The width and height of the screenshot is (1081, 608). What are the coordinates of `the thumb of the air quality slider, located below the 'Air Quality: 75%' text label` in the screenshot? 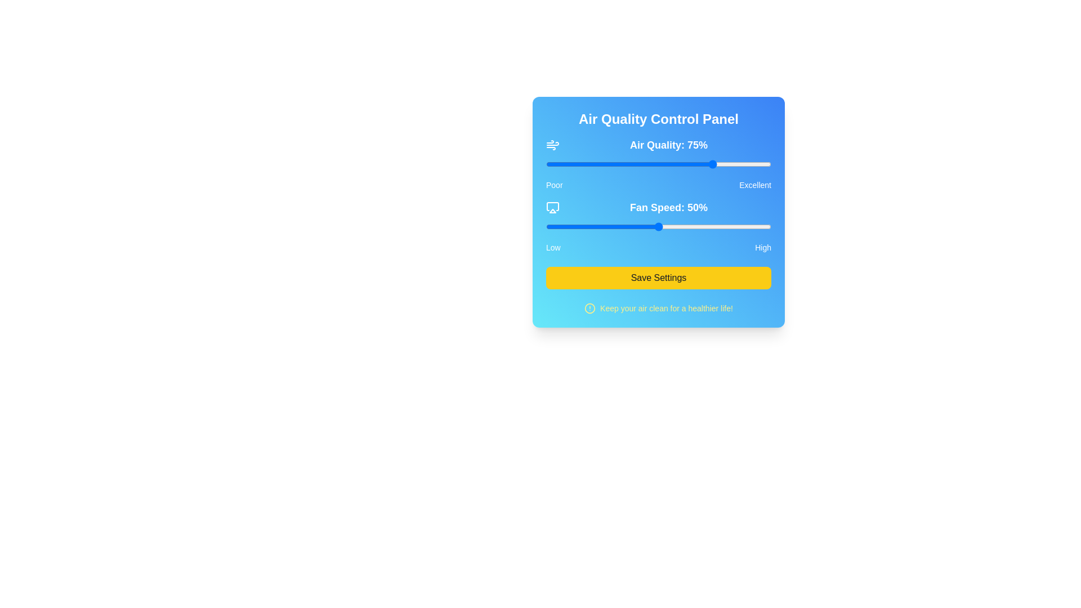 It's located at (659, 164).